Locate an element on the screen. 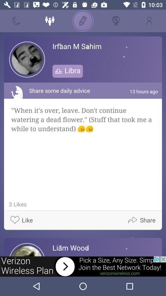 The image size is (166, 296). edit daily advice is located at coordinates (83, 21).